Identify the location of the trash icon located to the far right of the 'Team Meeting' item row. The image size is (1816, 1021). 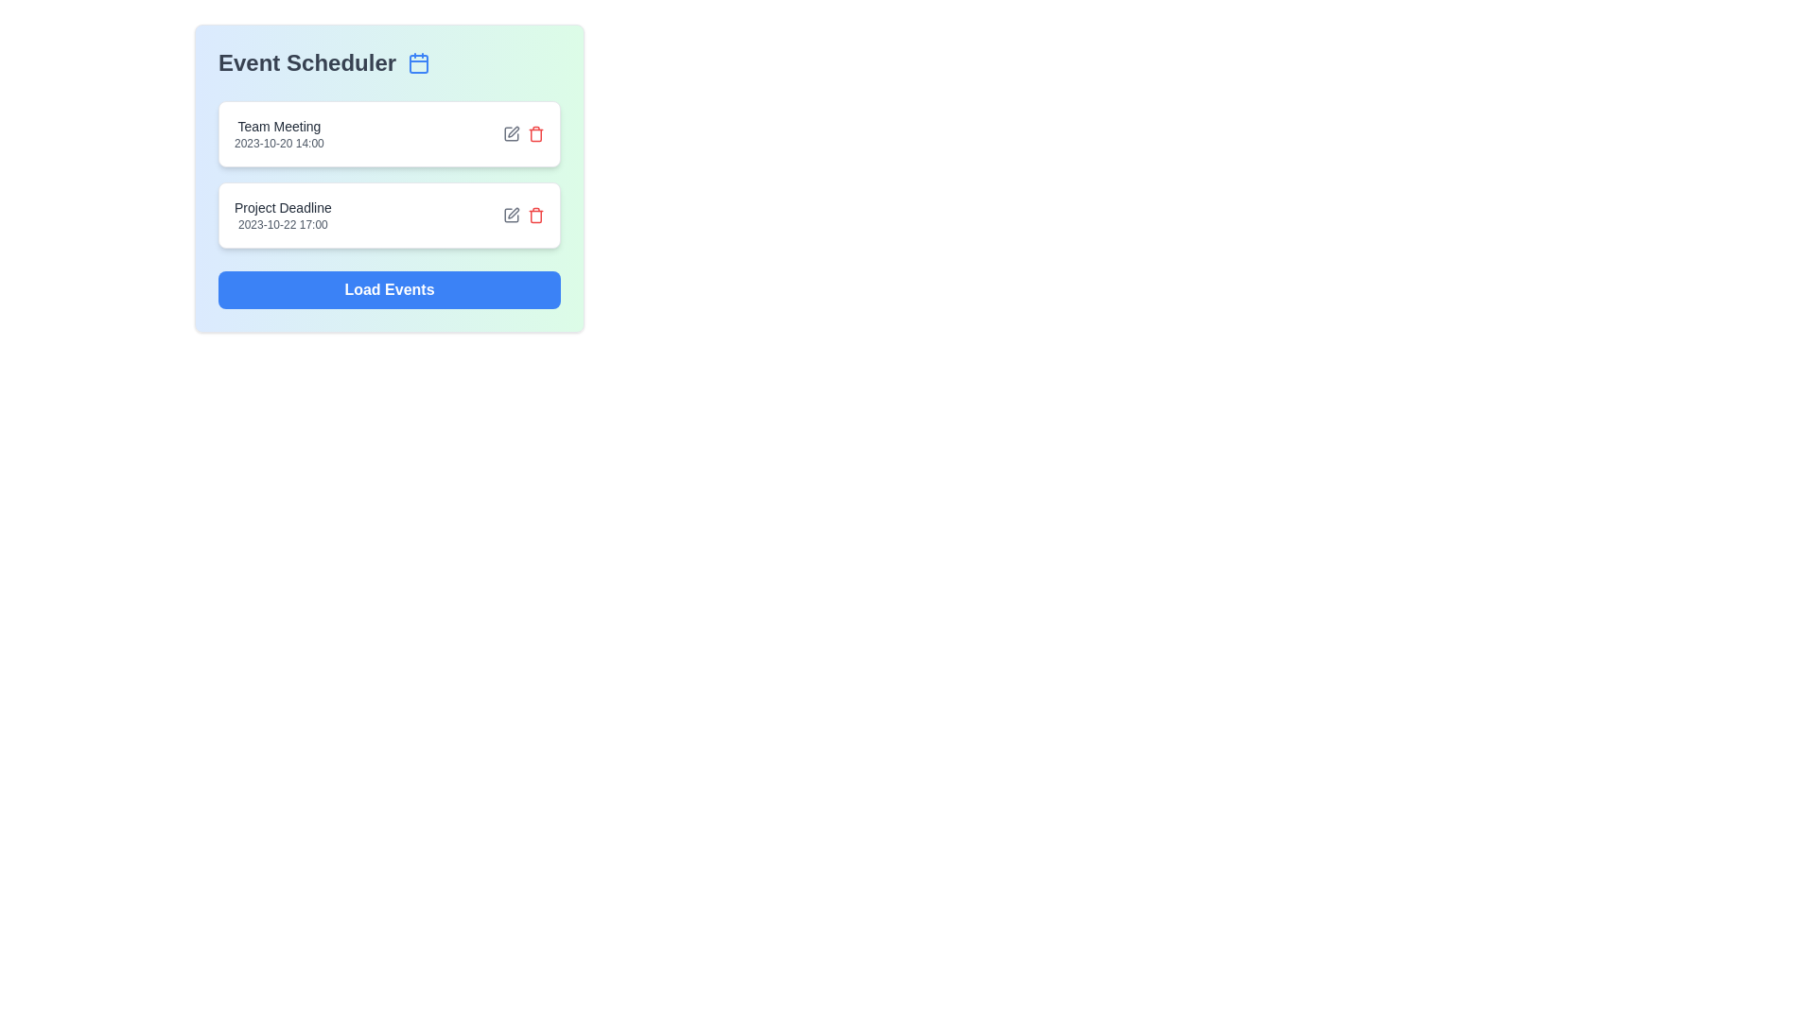
(534, 134).